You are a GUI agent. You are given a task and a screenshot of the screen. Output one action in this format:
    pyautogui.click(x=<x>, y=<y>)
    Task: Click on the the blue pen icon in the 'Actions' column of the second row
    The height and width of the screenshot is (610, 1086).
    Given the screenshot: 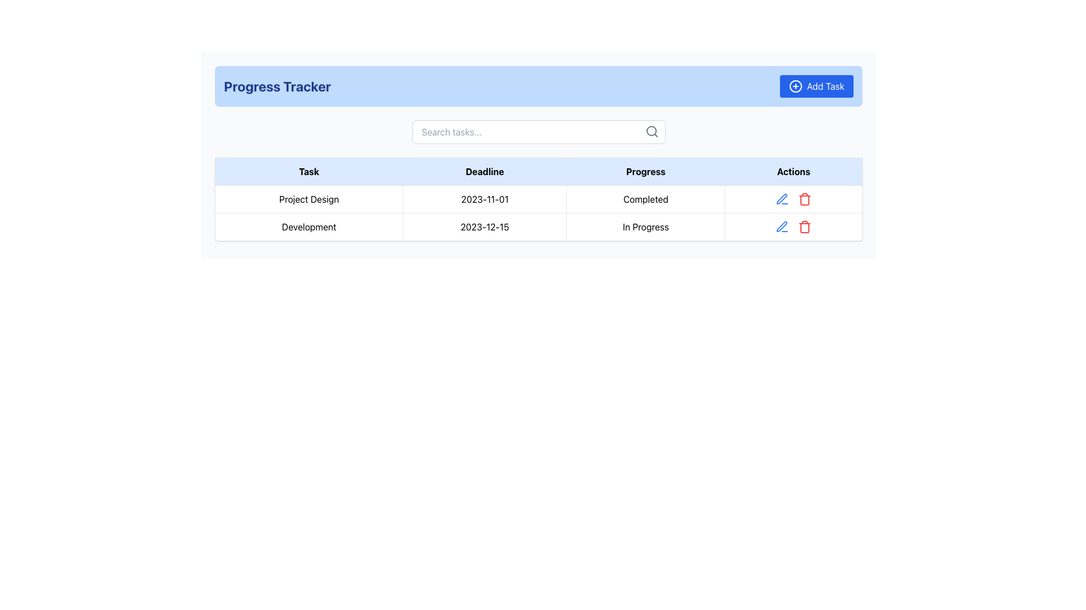 What is the action you would take?
    pyautogui.click(x=793, y=226)
    